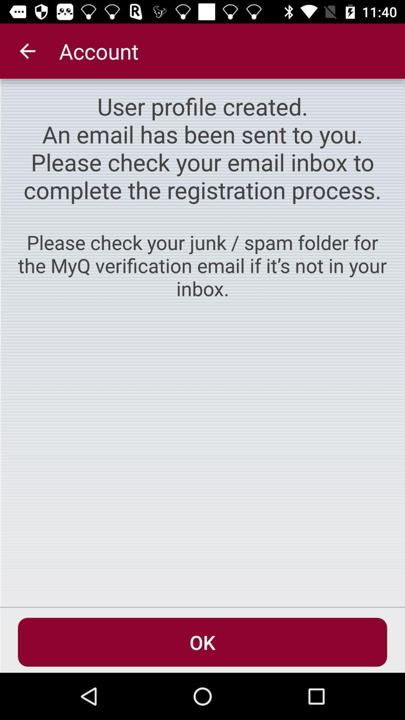 This screenshot has width=405, height=720. I want to click on the ok item, so click(202, 642).